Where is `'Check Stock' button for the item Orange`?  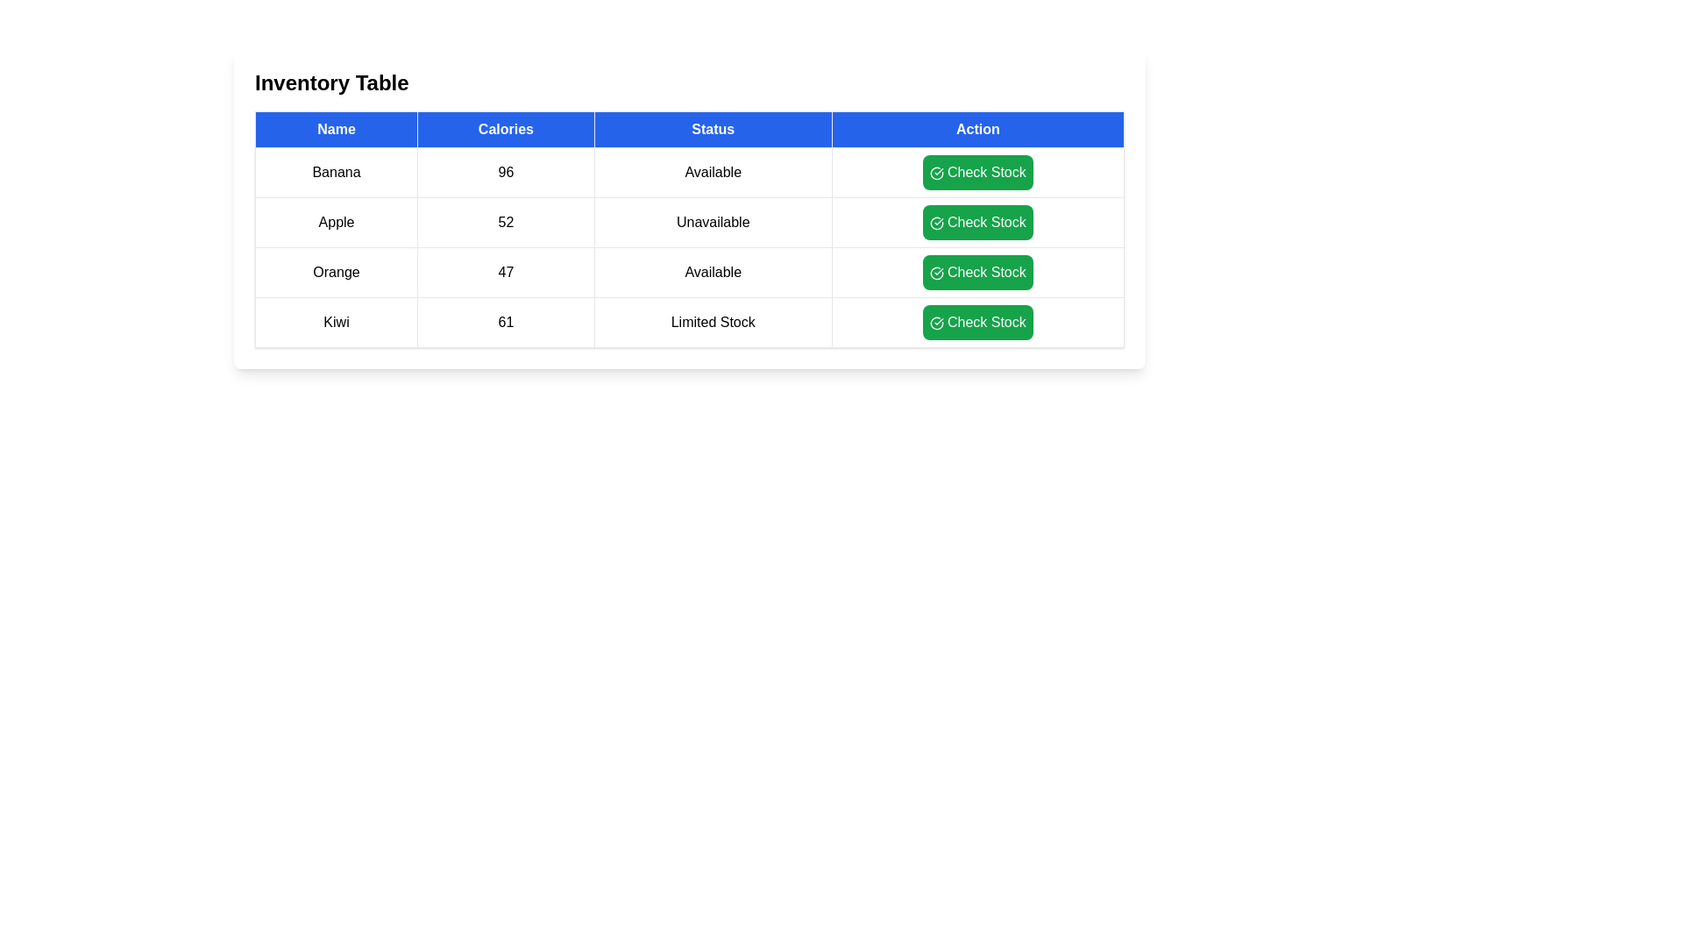
'Check Stock' button for the item Orange is located at coordinates (976, 273).